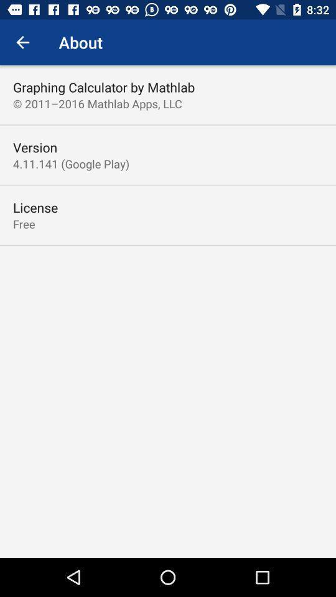  I want to click on the icon above the graphing calculator by item, so click(22, 42).